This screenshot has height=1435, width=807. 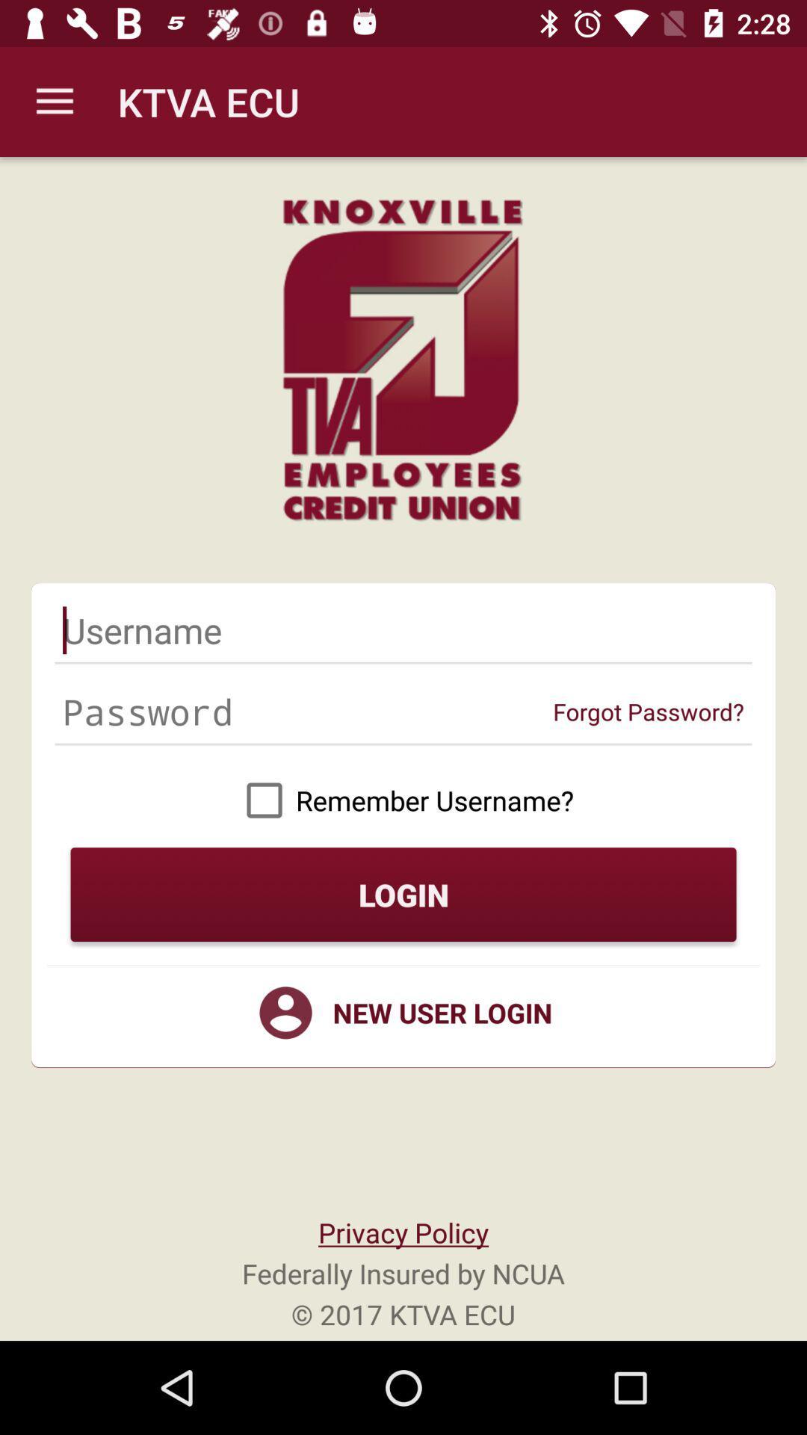 What do you see at coordinates (403, 1232) in the screenshot?
I see `privacy policy` at bounding box center [403, 1232].